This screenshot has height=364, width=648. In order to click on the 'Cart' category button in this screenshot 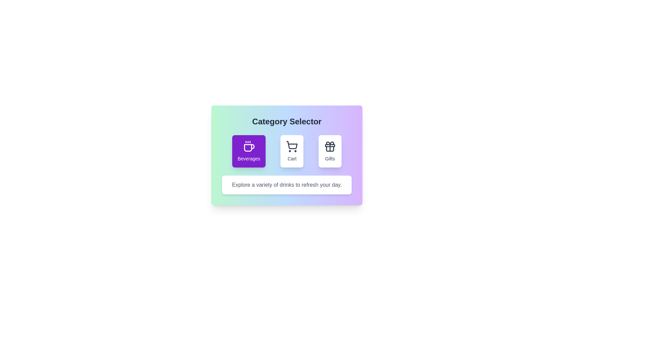, I will do `click(292, 151)`.